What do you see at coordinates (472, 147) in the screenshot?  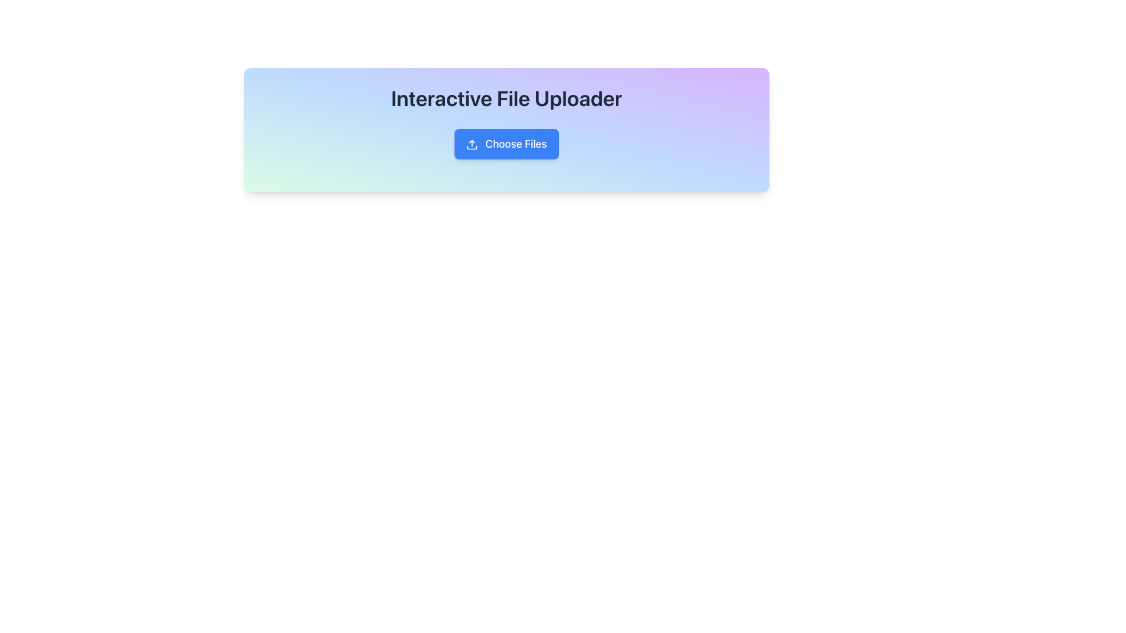 I see `the horizontal line at the base of the upload icon within the SVG graphic, which is styled with a visible stroke and no fill` at bounding box center [472, 147].